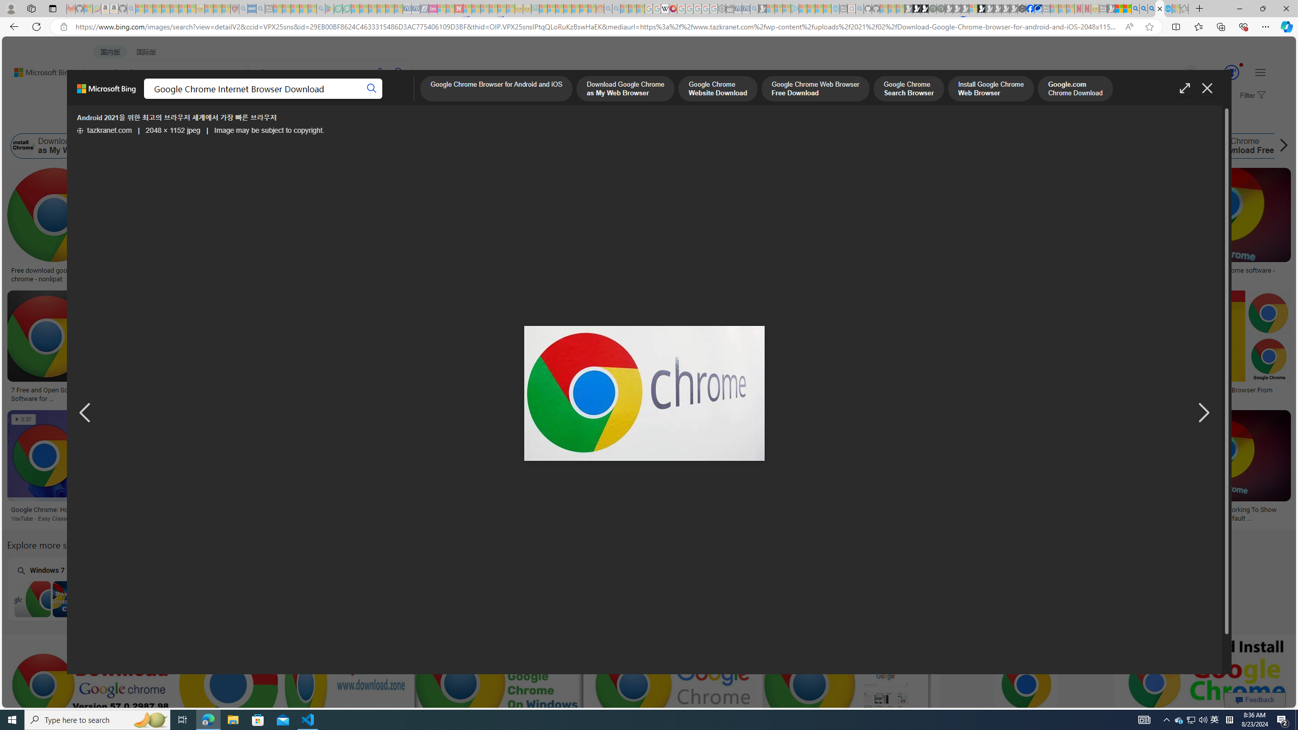  Describe the element at coordinates (174, 8) in the screenshot. I see `'New Report Confirms 2023 Was Record Hot | Watch - Sleeping'` at that location.